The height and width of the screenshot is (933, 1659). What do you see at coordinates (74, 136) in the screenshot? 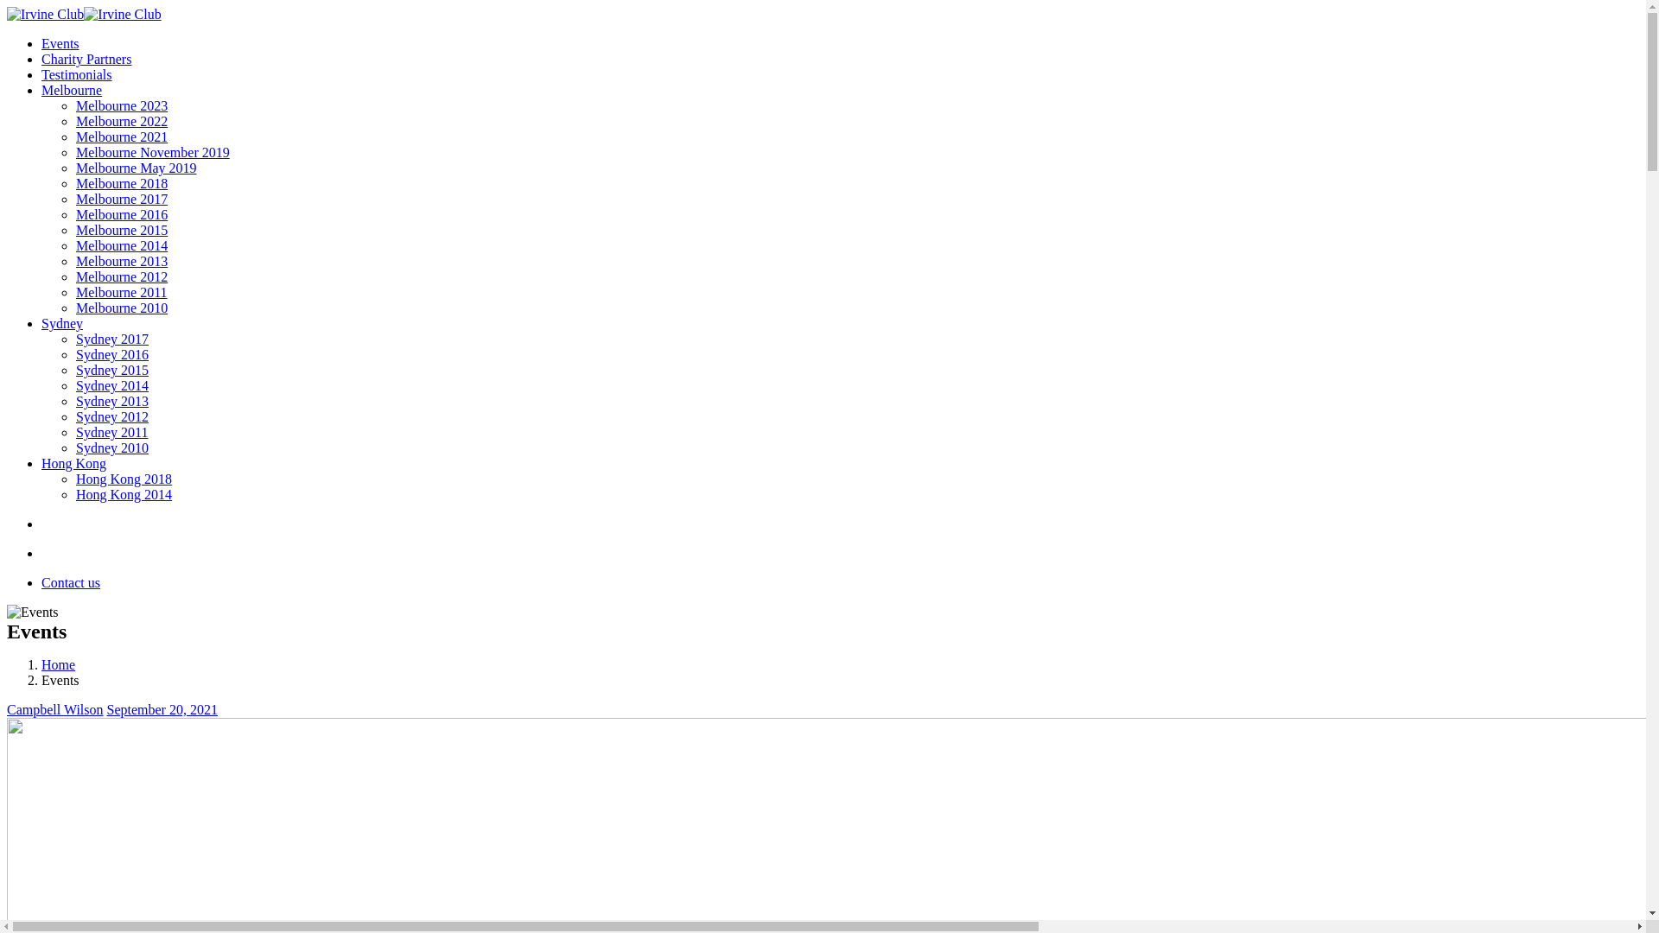
I see `'Melbourne 2021'` at bounding box center [74, 136].